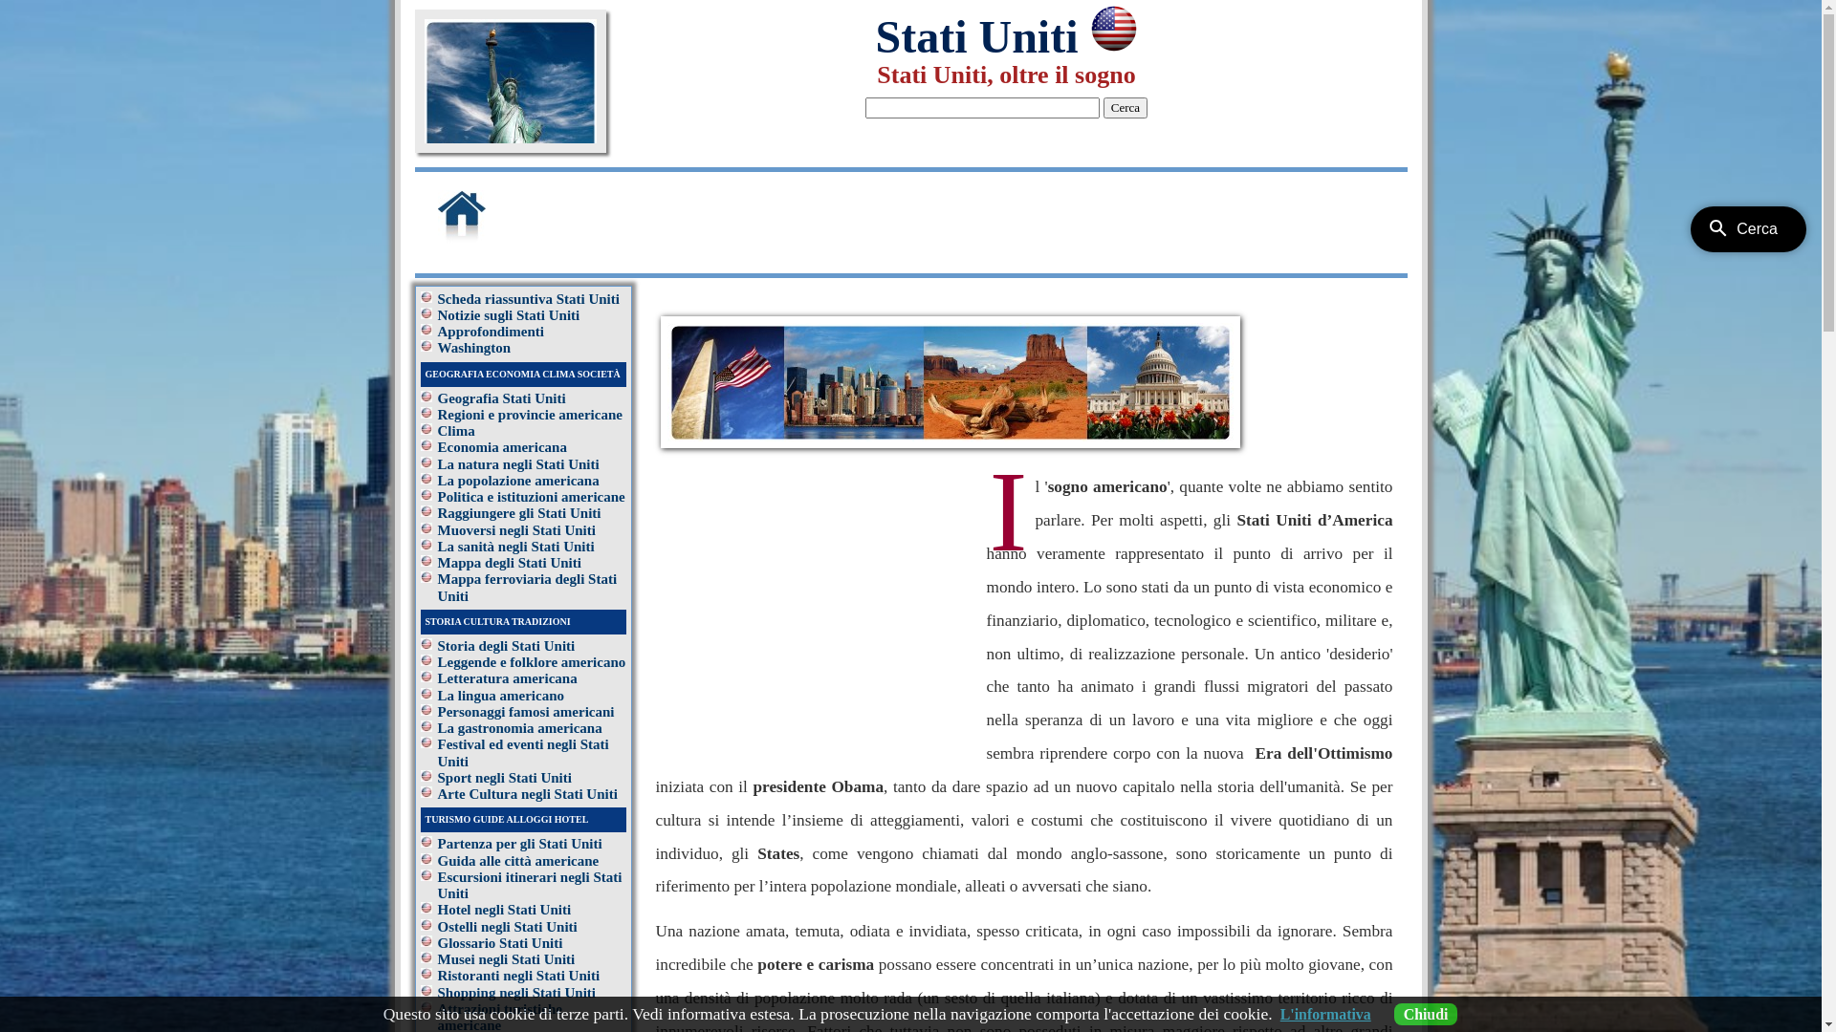 This screenshot has height=1032, width=1836. Describe the element at coordinates (516, 529) in the screenshot. I see `'Muoversi negli Stati Uniti'` at that location.